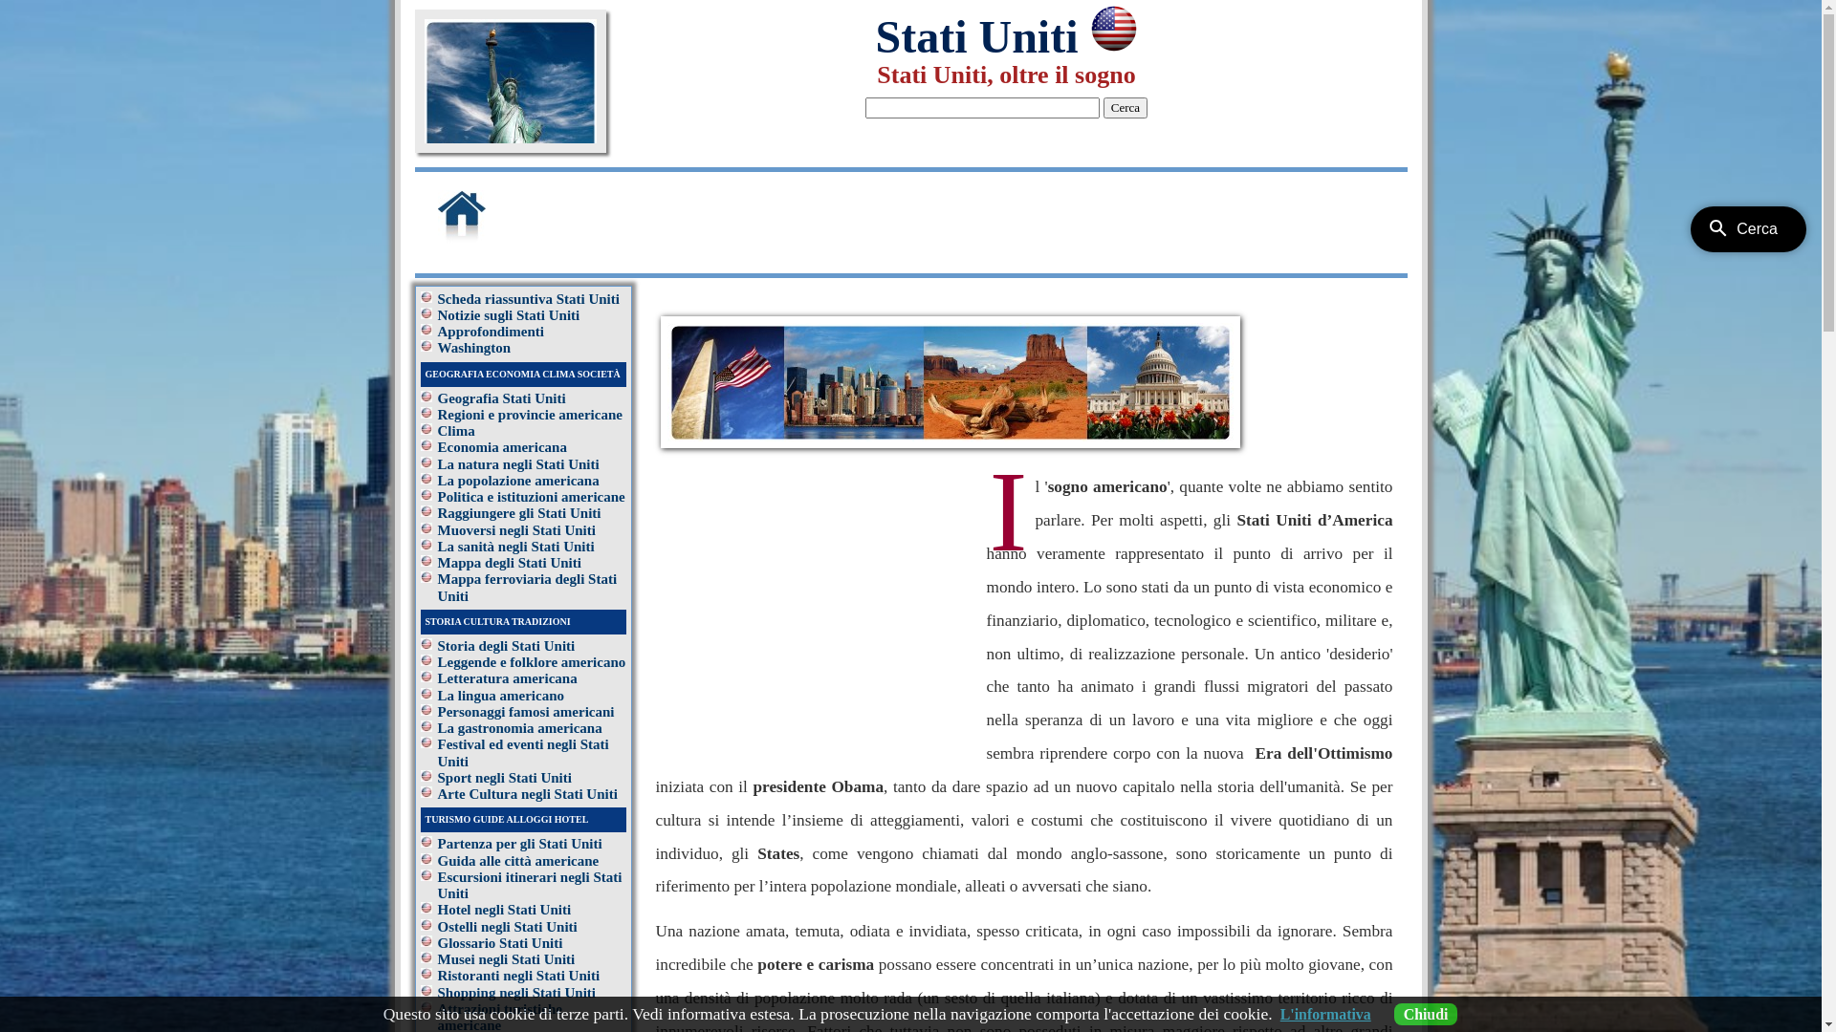 This screenshot has height=1032, width=1836. Describe the element at coordinates (516, 529) in the screenshot. I see `'Muoversi negli Stati Uniti'` at that location.